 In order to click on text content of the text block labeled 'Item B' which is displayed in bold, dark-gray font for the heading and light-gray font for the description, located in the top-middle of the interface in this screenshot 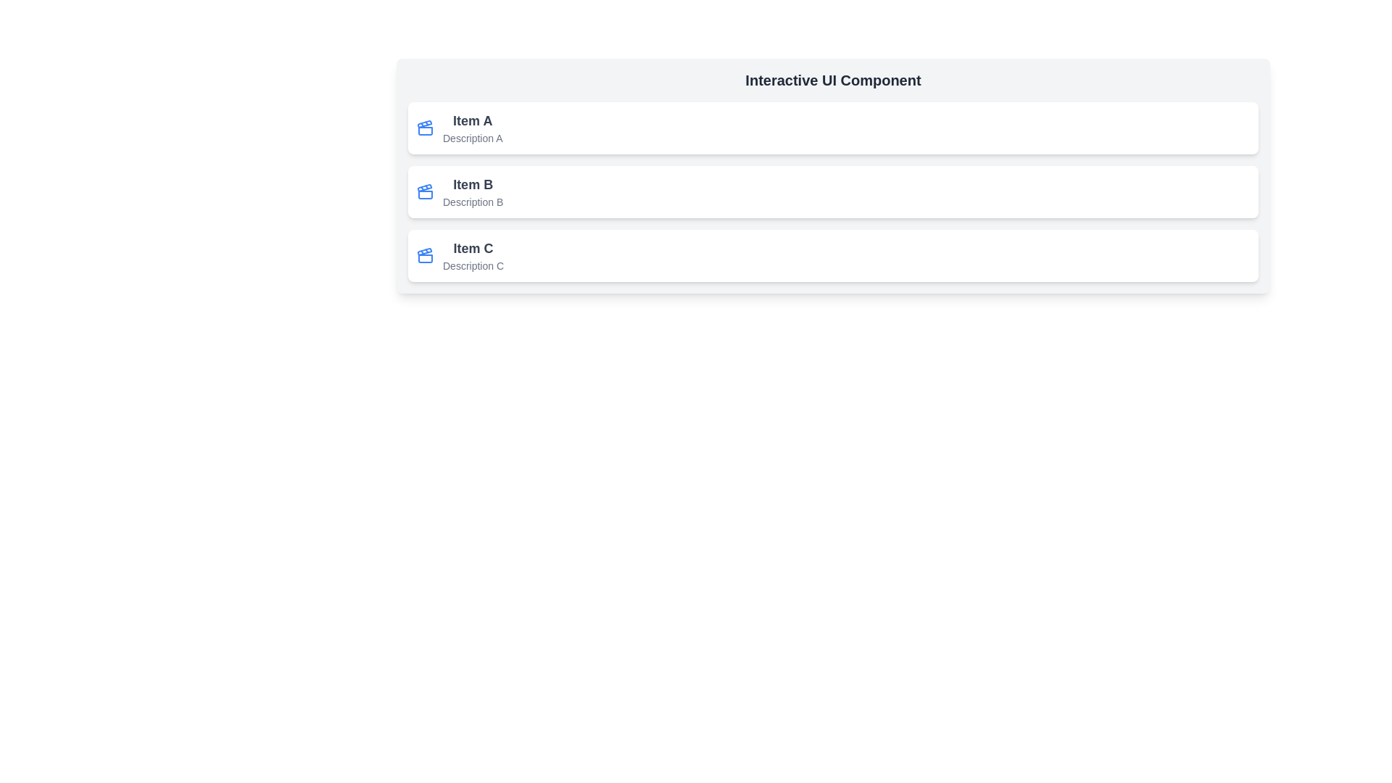, I will do `click(473, 191)`.